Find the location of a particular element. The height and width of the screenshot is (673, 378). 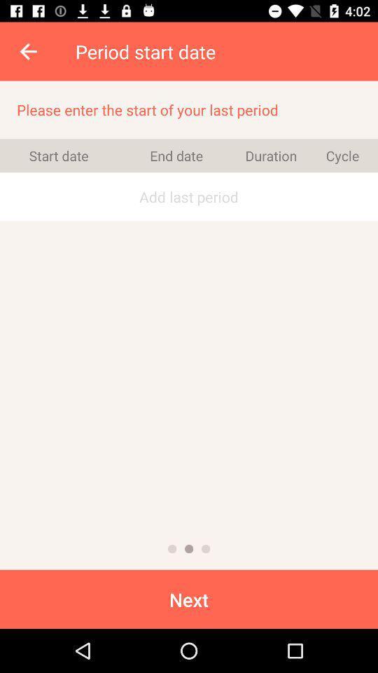

the icon above the next icon is located at coordinates (172, 549).